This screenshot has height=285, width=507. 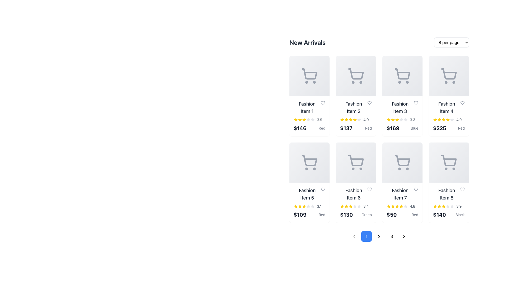 What do you see at coordinates (295, 206) in the screenshot?
I see `the first star icon in the rating section of the product labeled 'Fashion Item 5', which indicates a 3.1 rating` at bounding box center [295, 206].